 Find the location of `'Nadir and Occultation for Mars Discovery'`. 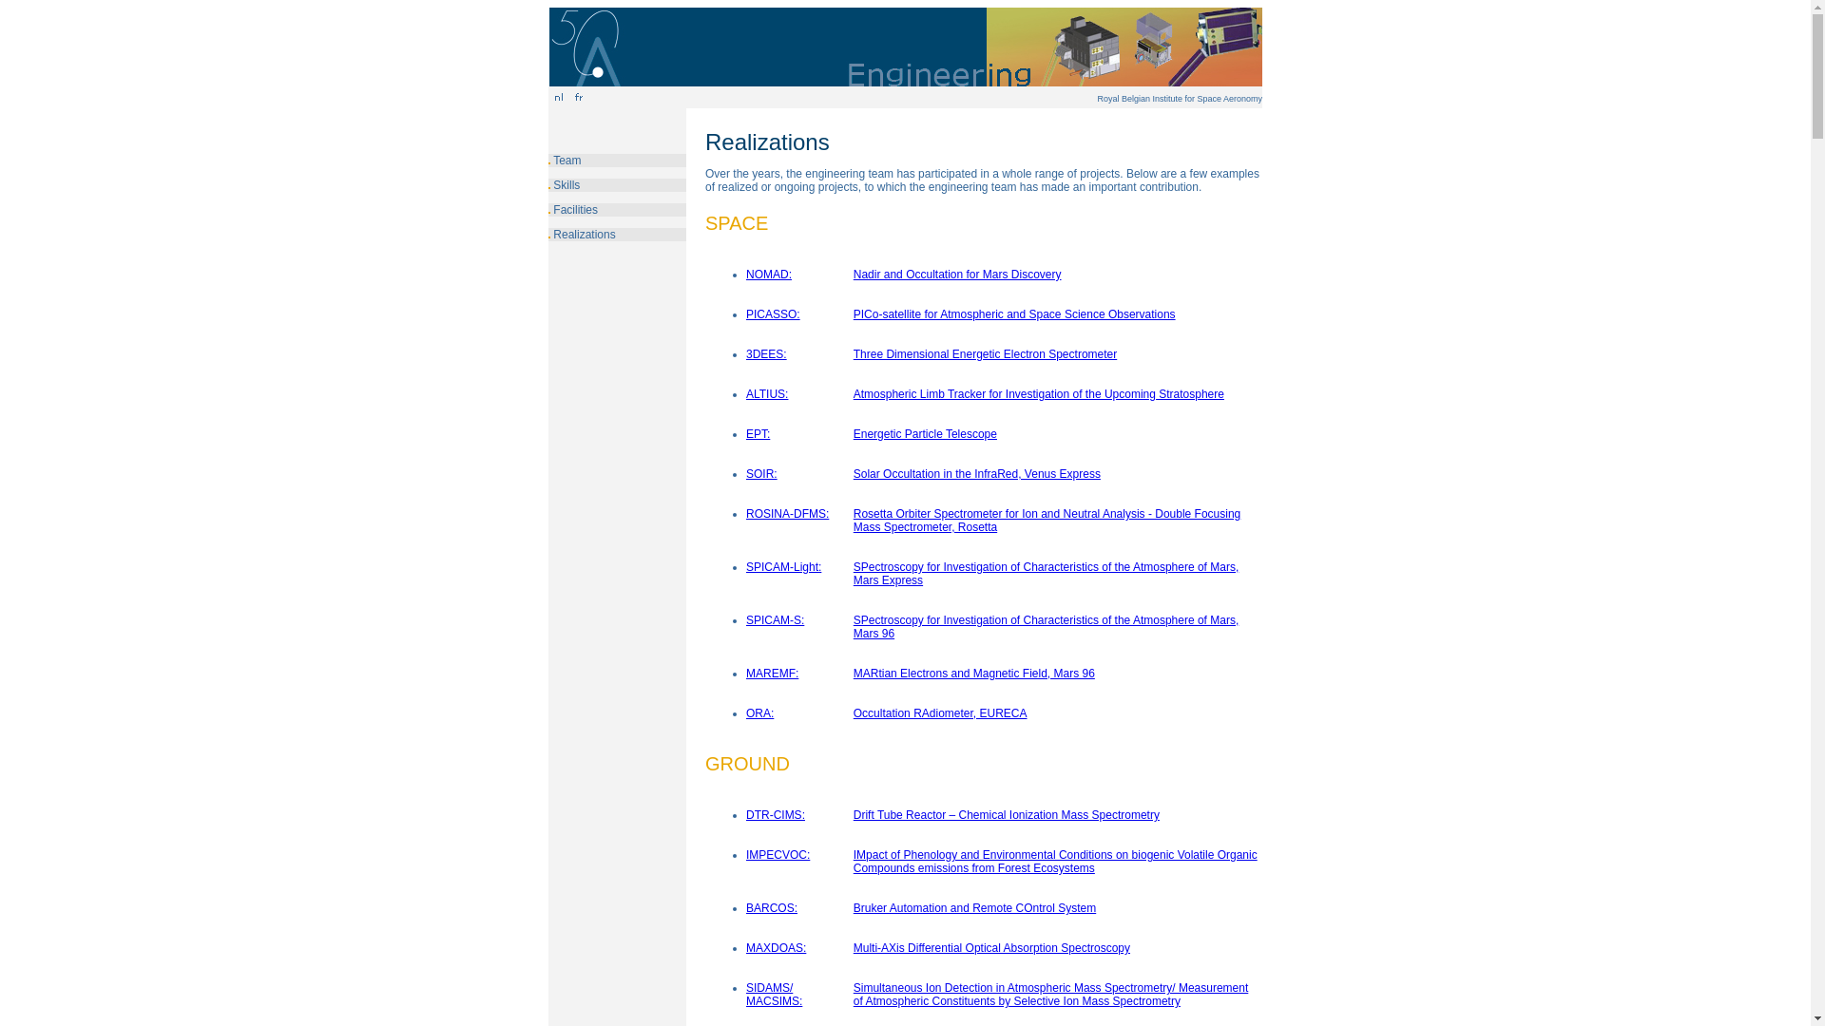

'Nadir and Occultation for Mars Discovery' is located at coordinates (957, 275).